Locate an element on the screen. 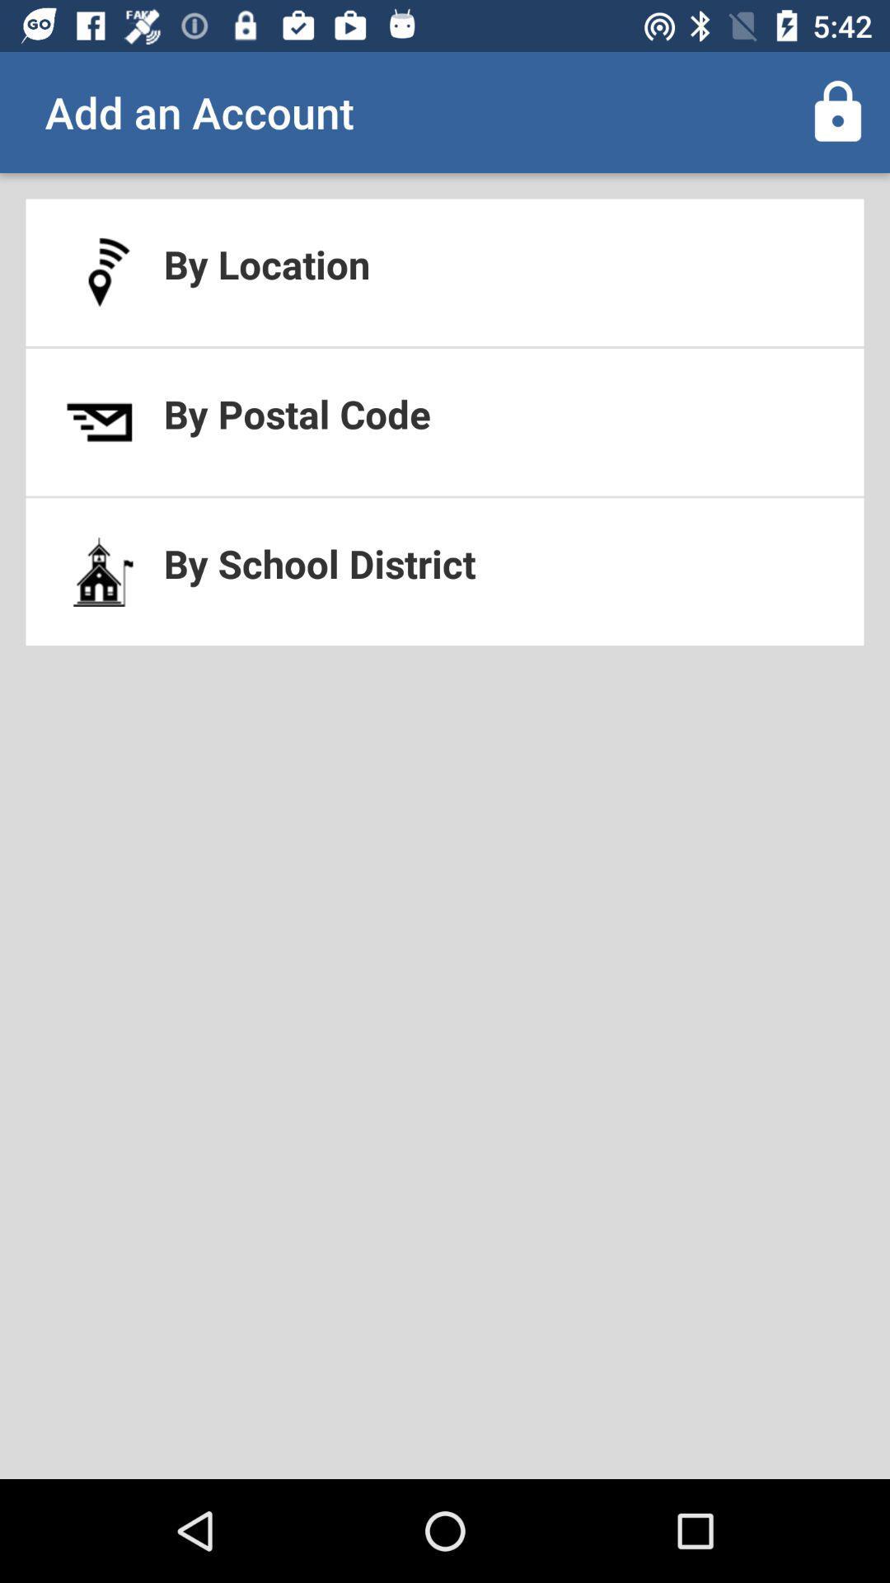 Image resolution: width=890 pixels, height=1583 pixels. app to the right of  add an account app is located at coordinates (838, 111).